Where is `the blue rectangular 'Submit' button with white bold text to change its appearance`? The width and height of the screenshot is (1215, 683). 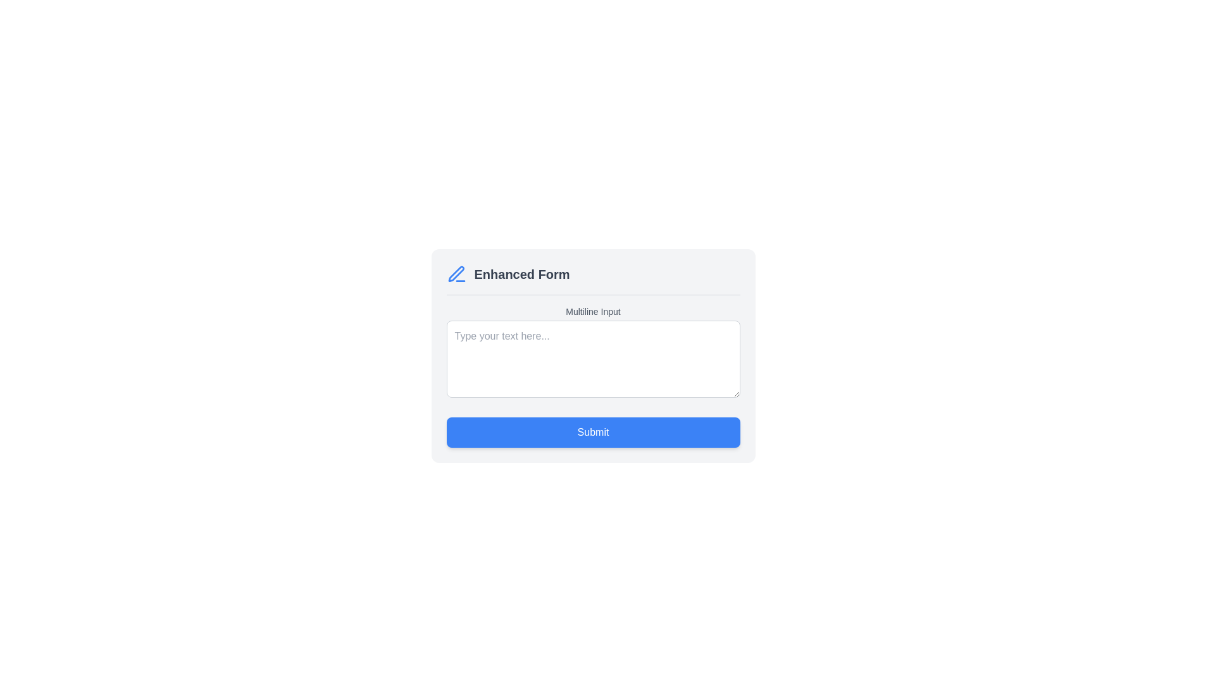 the blue rectangular 'Submit' button with white bold text to change its appearance is located at coordinates (592, 431).